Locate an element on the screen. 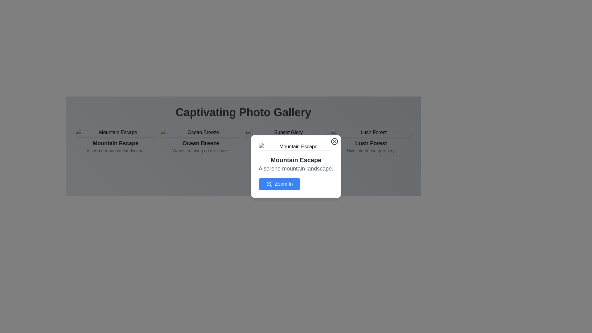 The width and height of the screenshot is (592, 333). the primary heading 'Ocean Breeze' is located at coordinates (201, 143).